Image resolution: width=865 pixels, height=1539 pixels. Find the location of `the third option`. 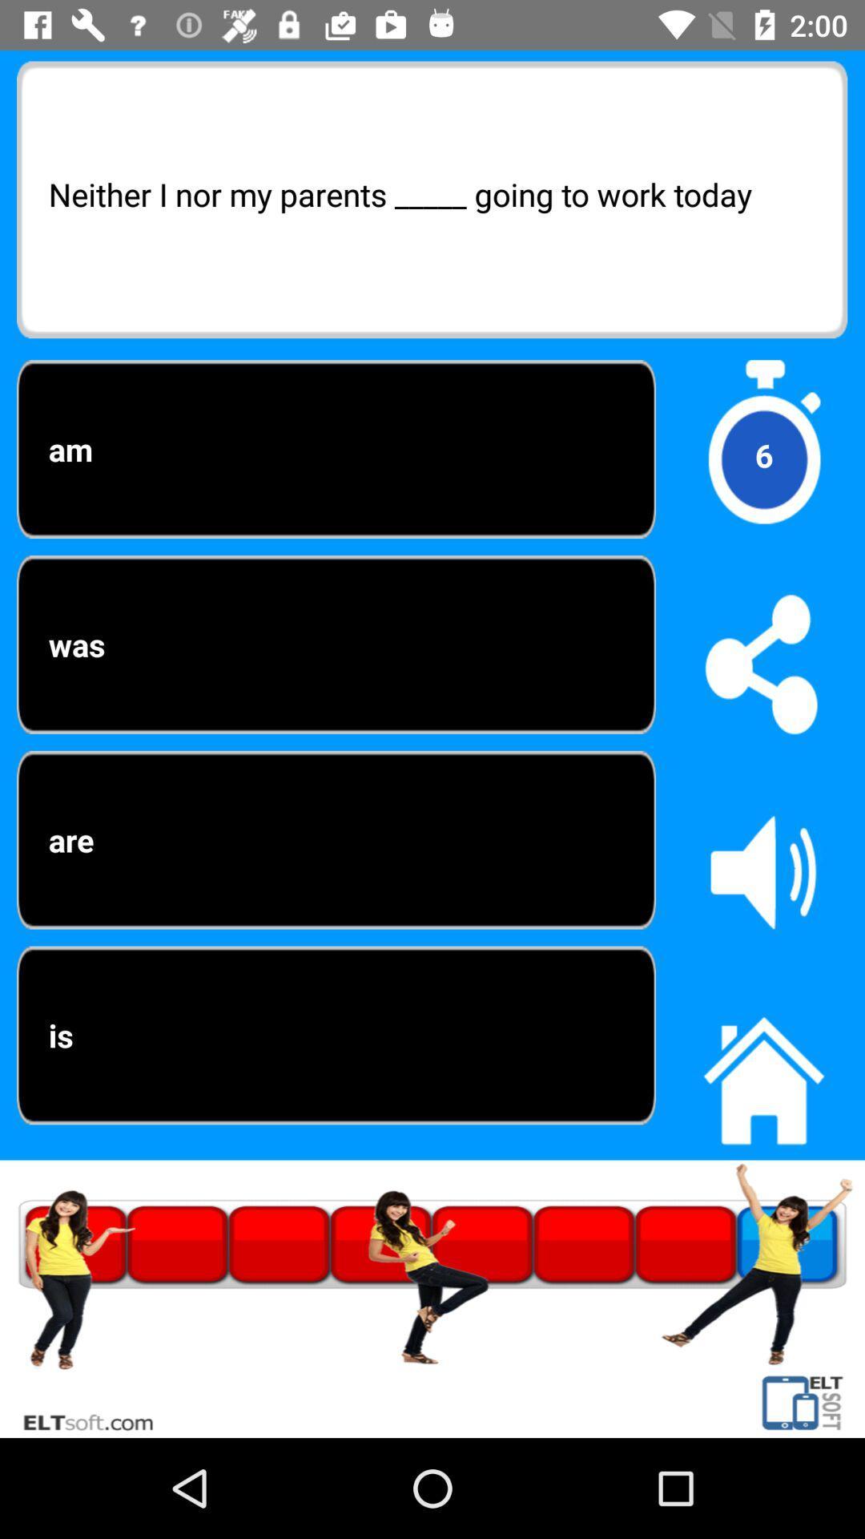

the third option is located at coordinates (336, 839).